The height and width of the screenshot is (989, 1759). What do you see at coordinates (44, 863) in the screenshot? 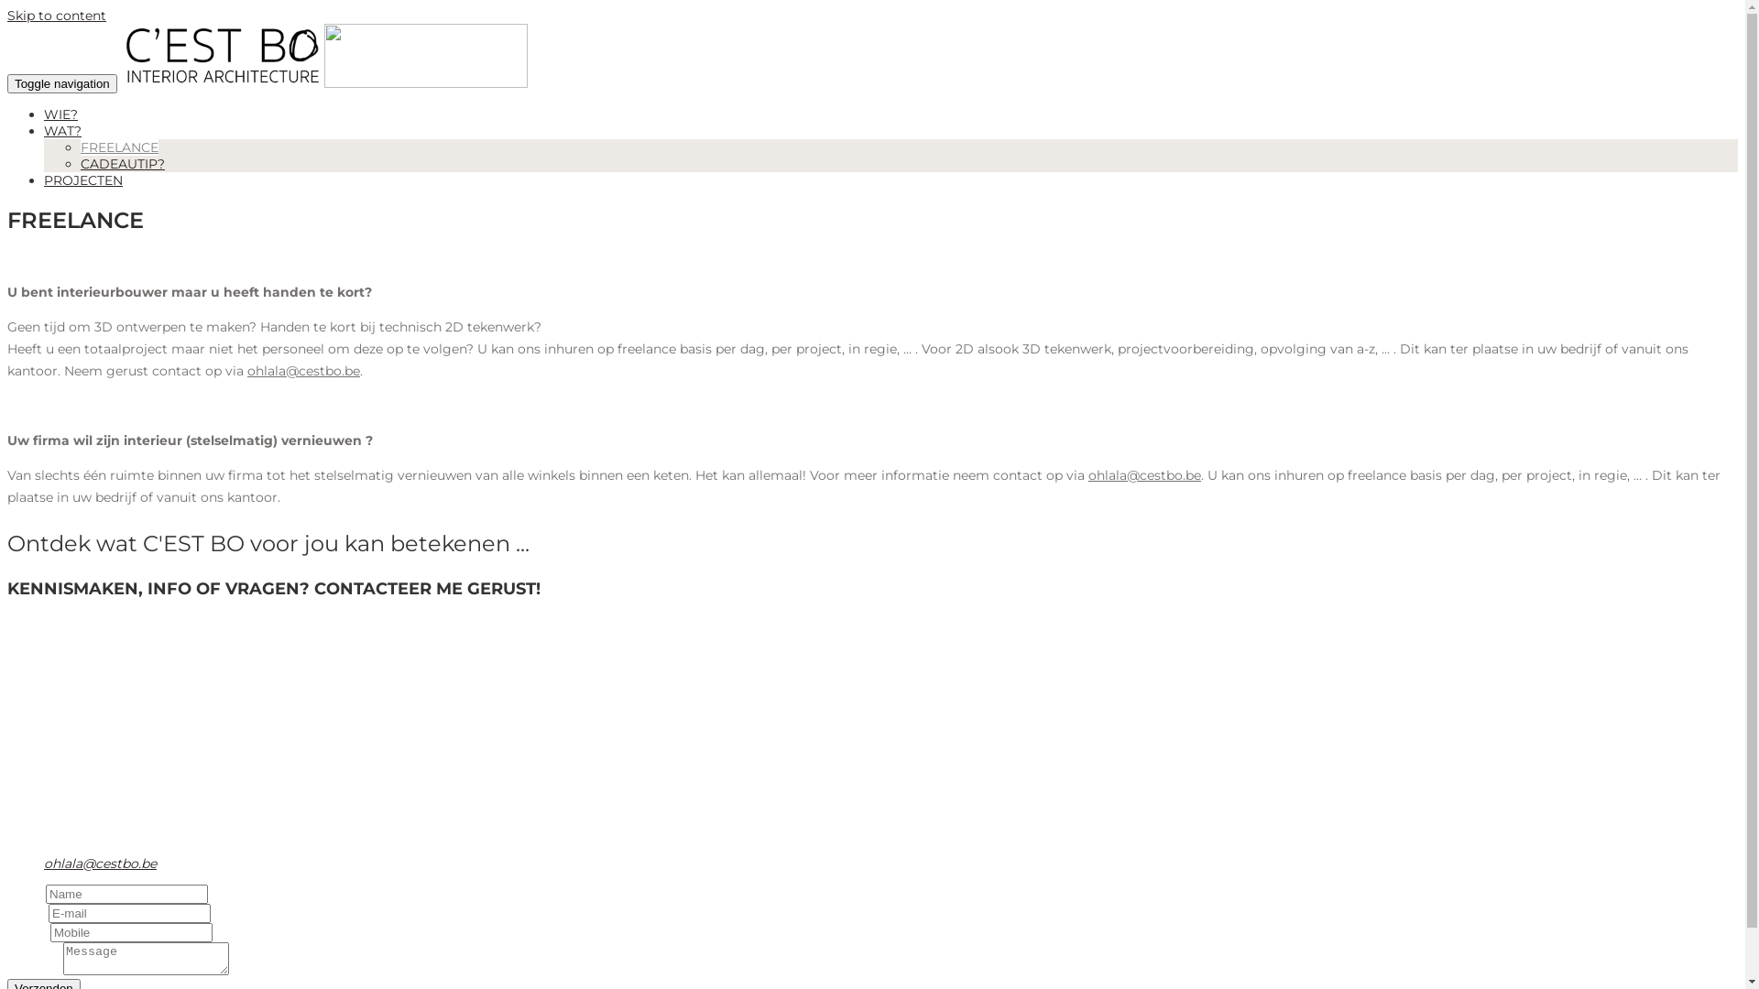
I see `'ohlala@cestbo.be'` at bounding box center [44, 863].